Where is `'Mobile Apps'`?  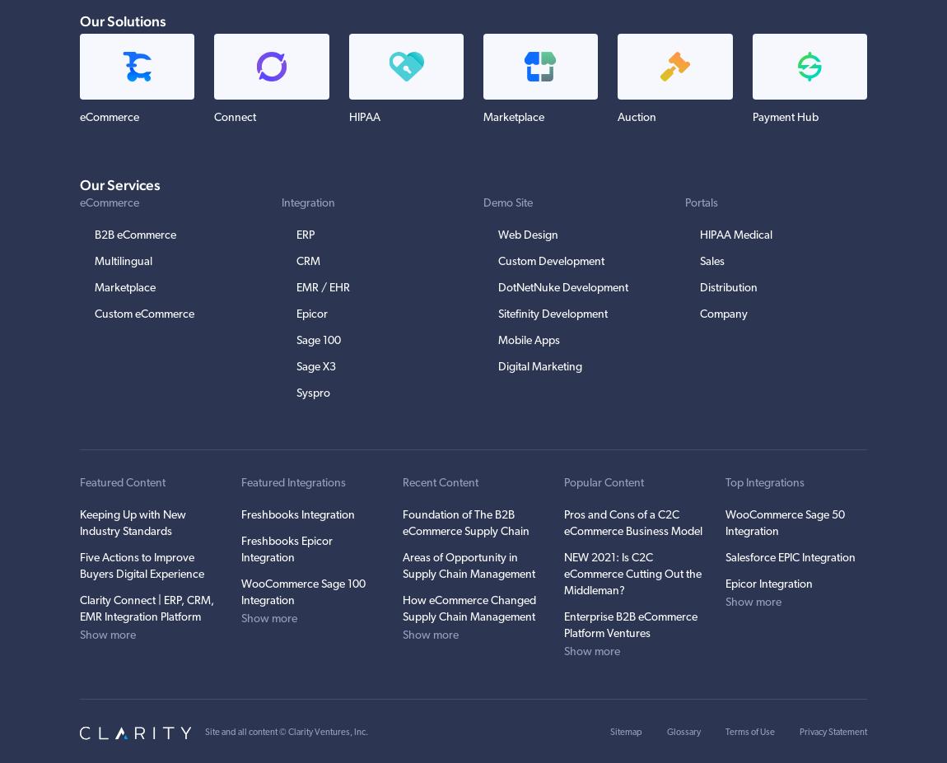
'Mobile Apps' is located at coordinates (528, 339).